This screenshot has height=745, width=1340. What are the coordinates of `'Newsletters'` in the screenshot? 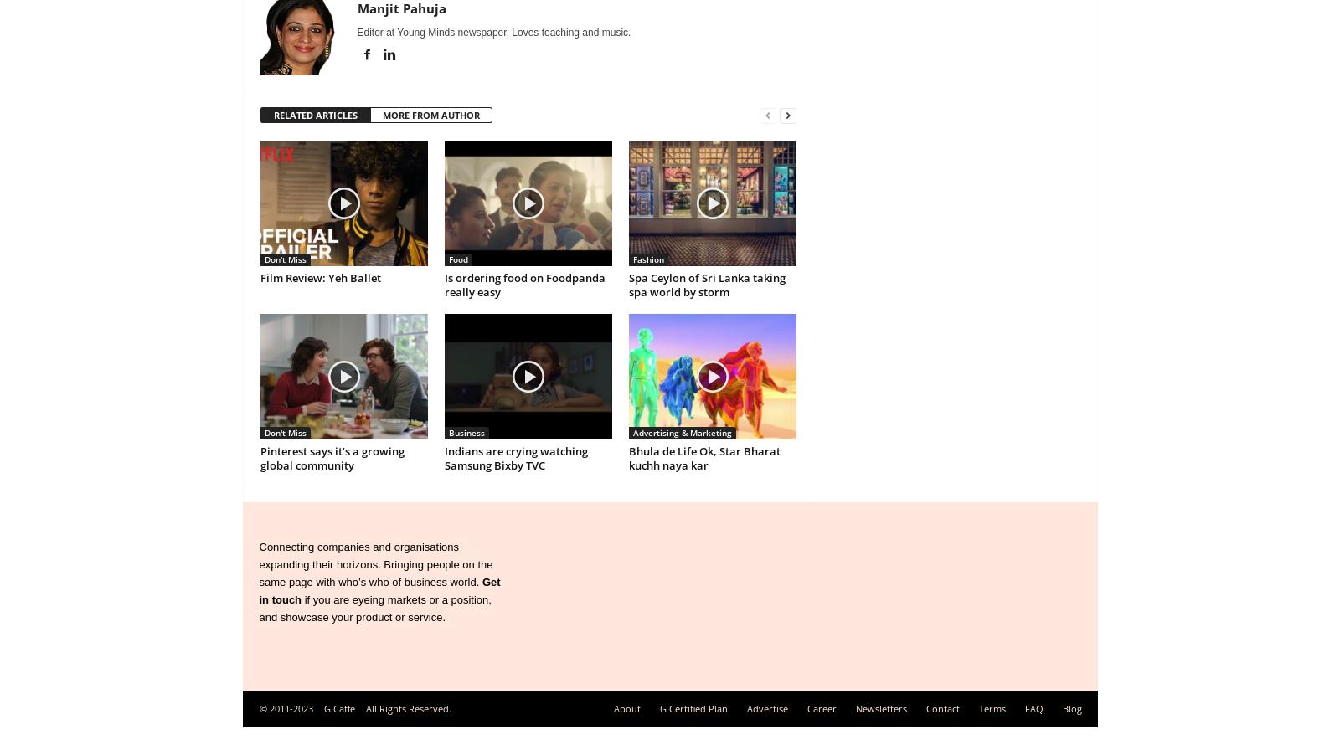 It's located at (854, 707).